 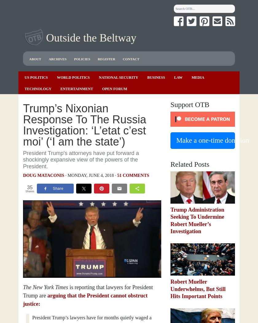 What do you see at coordinates (30, 187) in the screenshot?
I see `'35'` at bounding box center [30, 187].